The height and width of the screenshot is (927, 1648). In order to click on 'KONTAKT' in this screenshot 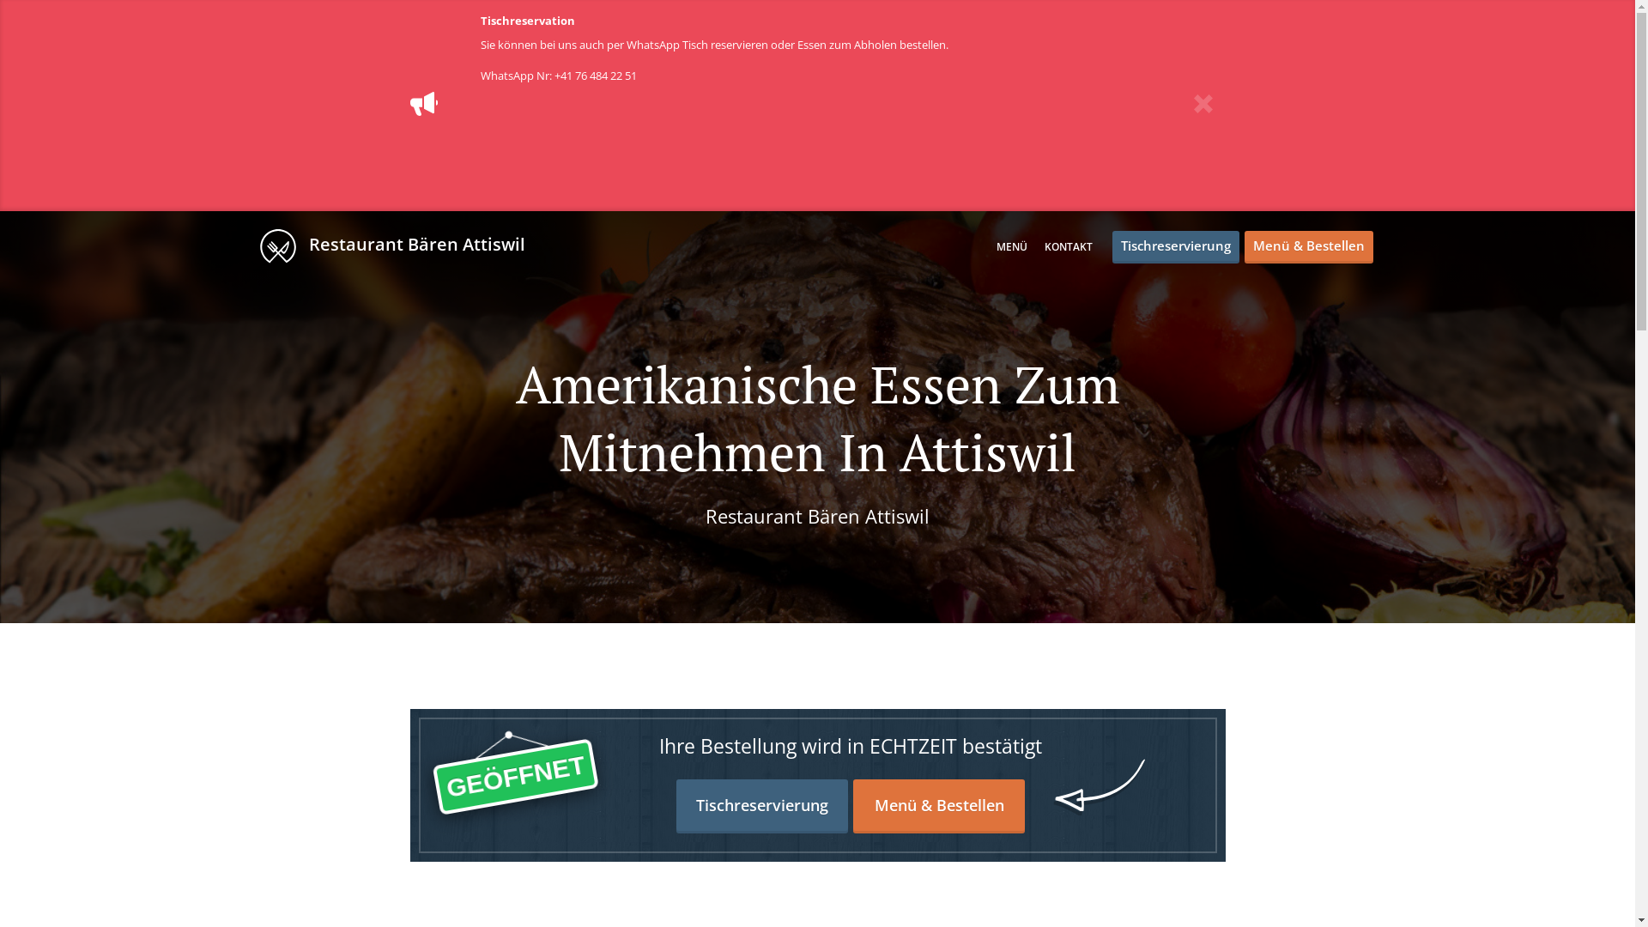, I will do `click(1066, 246)`.